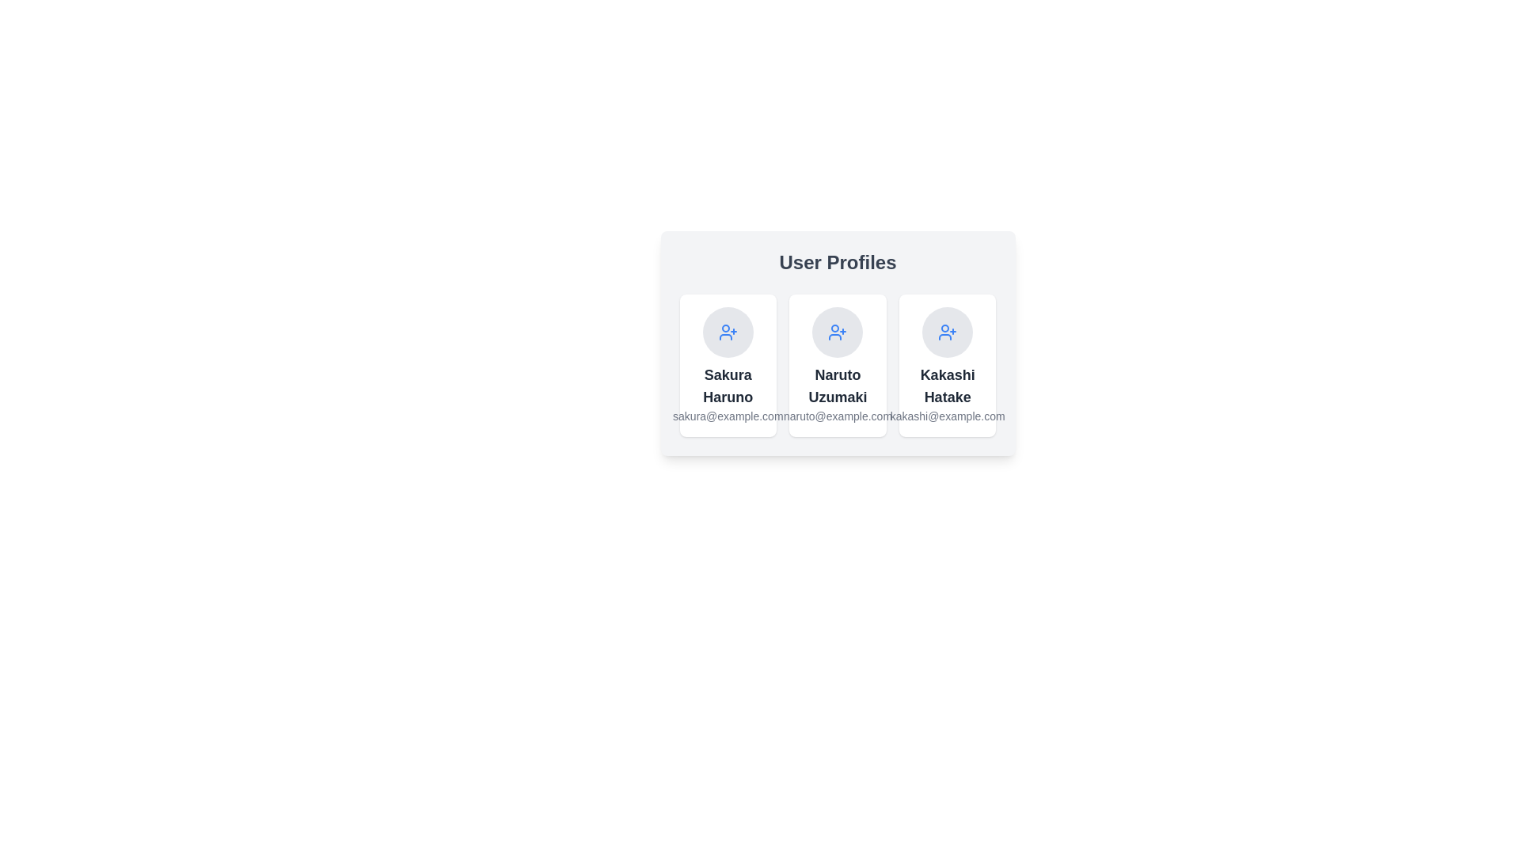 The height and width of the screenshot is (855, 1520). Describe the element at coordinates (727, 366) in the screenshot. I see `the profile card for 'Sakura Haruno'` at that location.